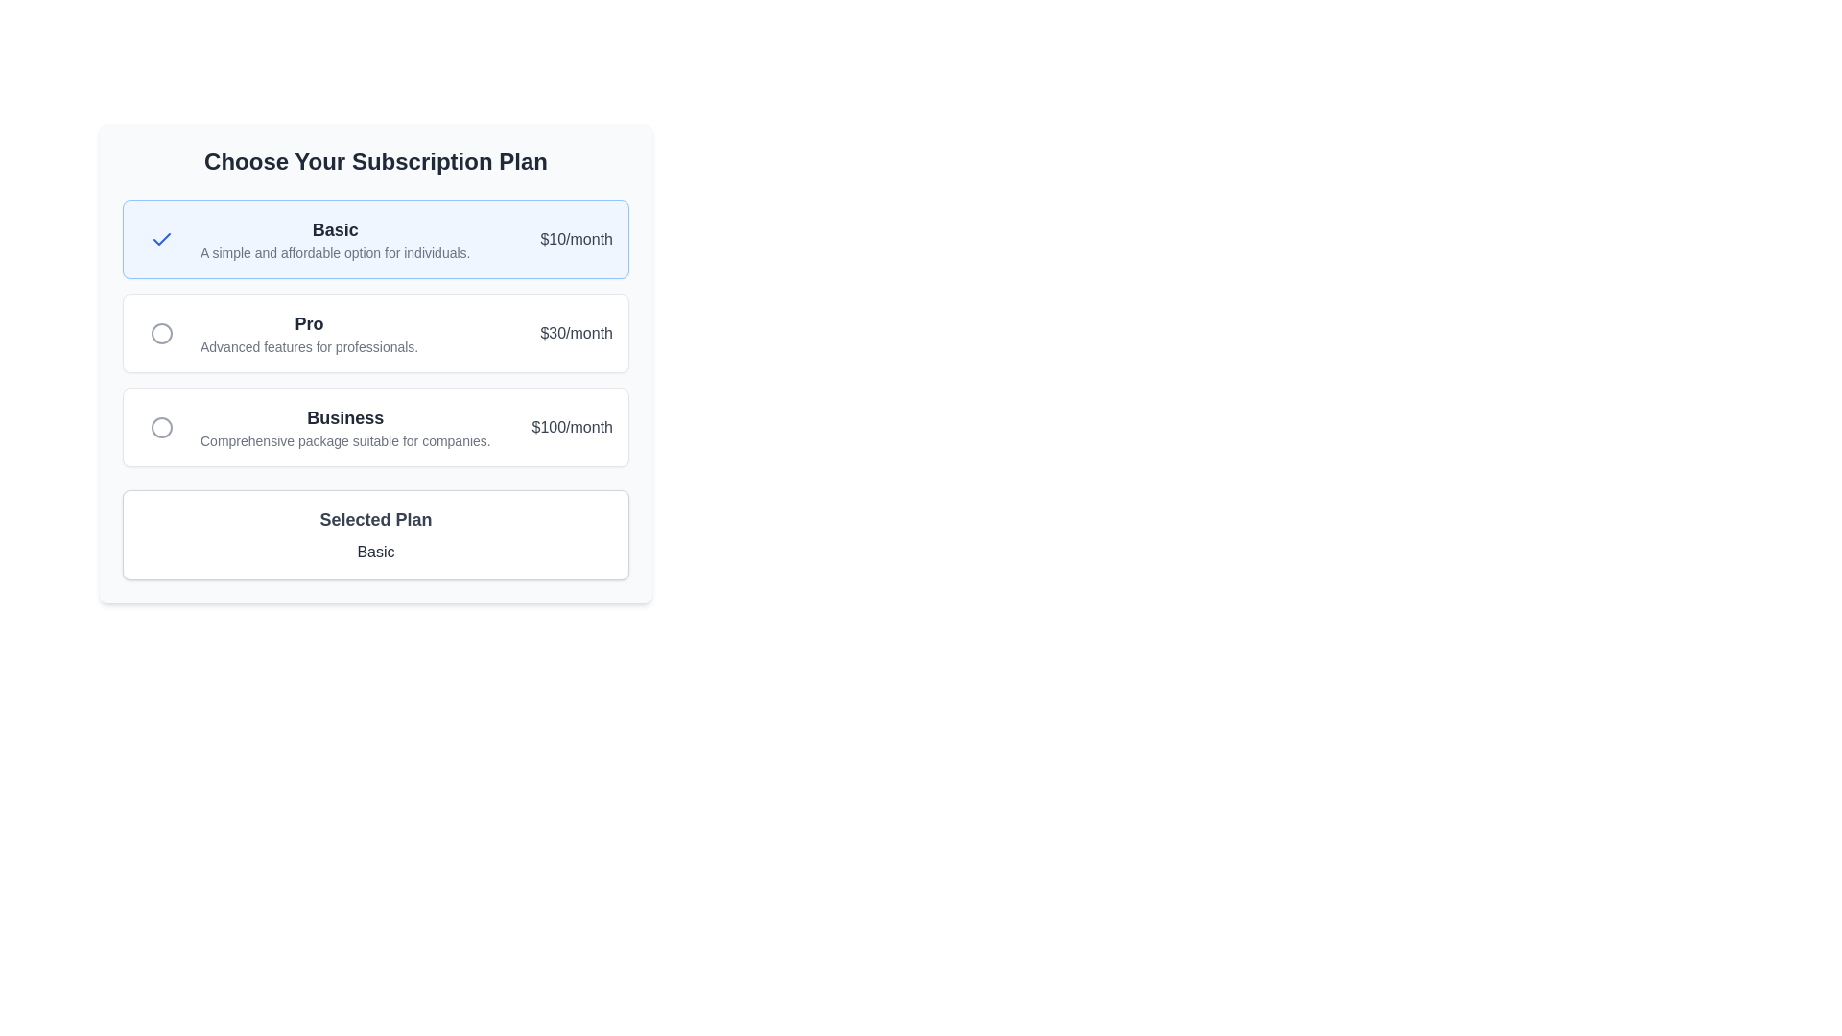  I want to click on the radio button located at the top-left corner of the 'Business' subscription plan selection card, so click(161, 427).